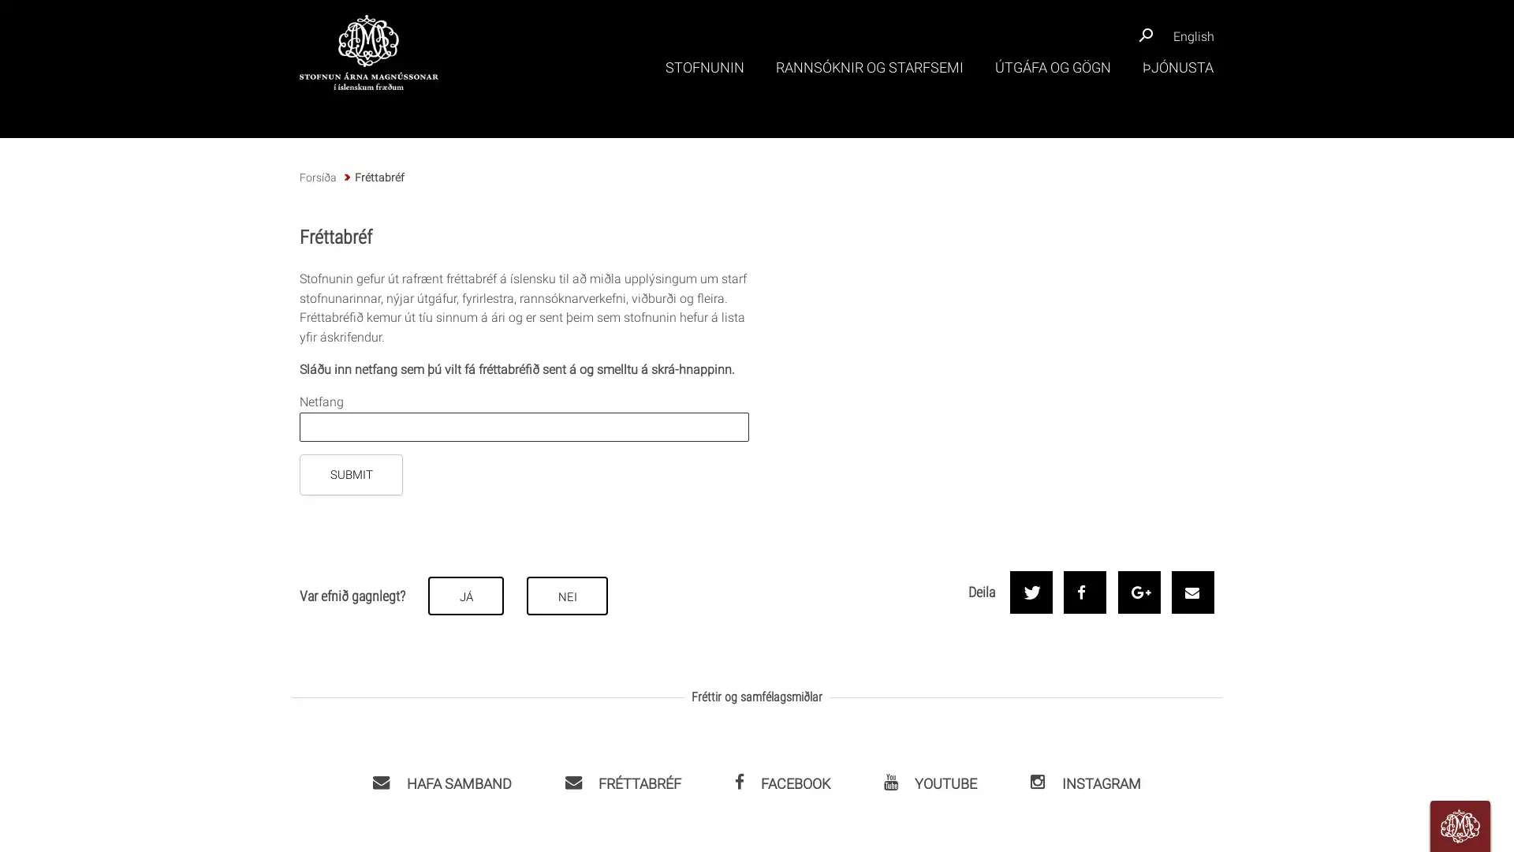 This screenshot has height=852, width=1514. I want to click on Share on Google+, so click(1139, 591).